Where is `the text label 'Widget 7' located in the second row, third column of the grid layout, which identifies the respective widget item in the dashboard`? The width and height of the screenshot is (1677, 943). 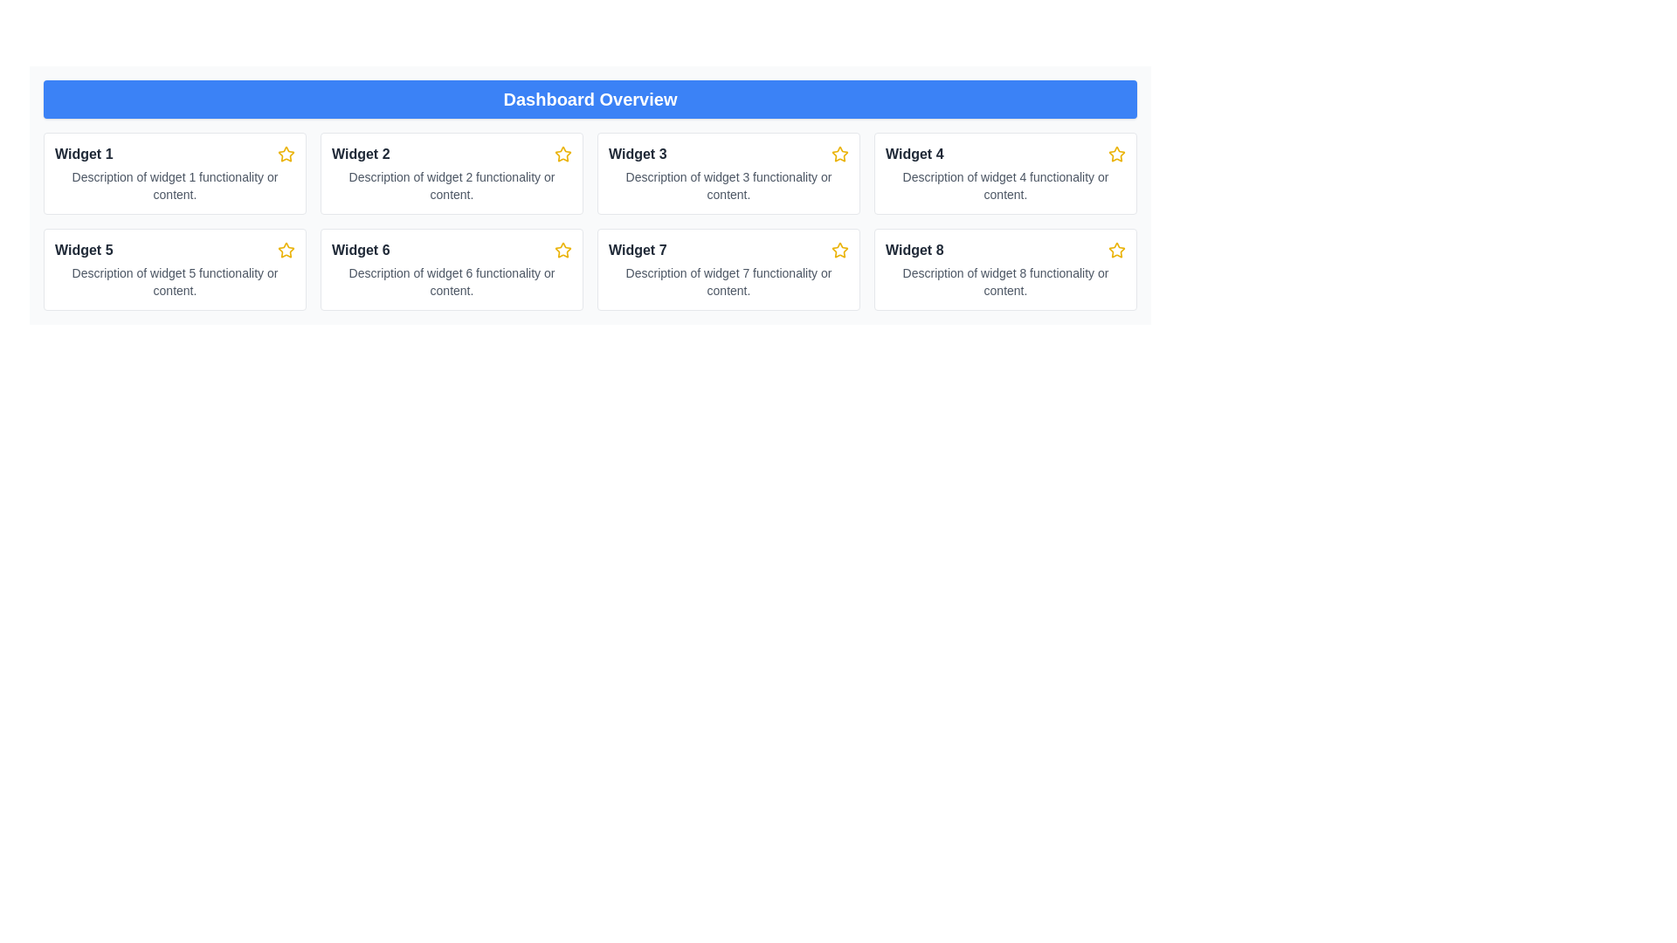 the text label 'Widget 7' located in the second row, third column of the grid layout, which identifies the respective widget item in the dashboard is located at coordinates (637, 250).